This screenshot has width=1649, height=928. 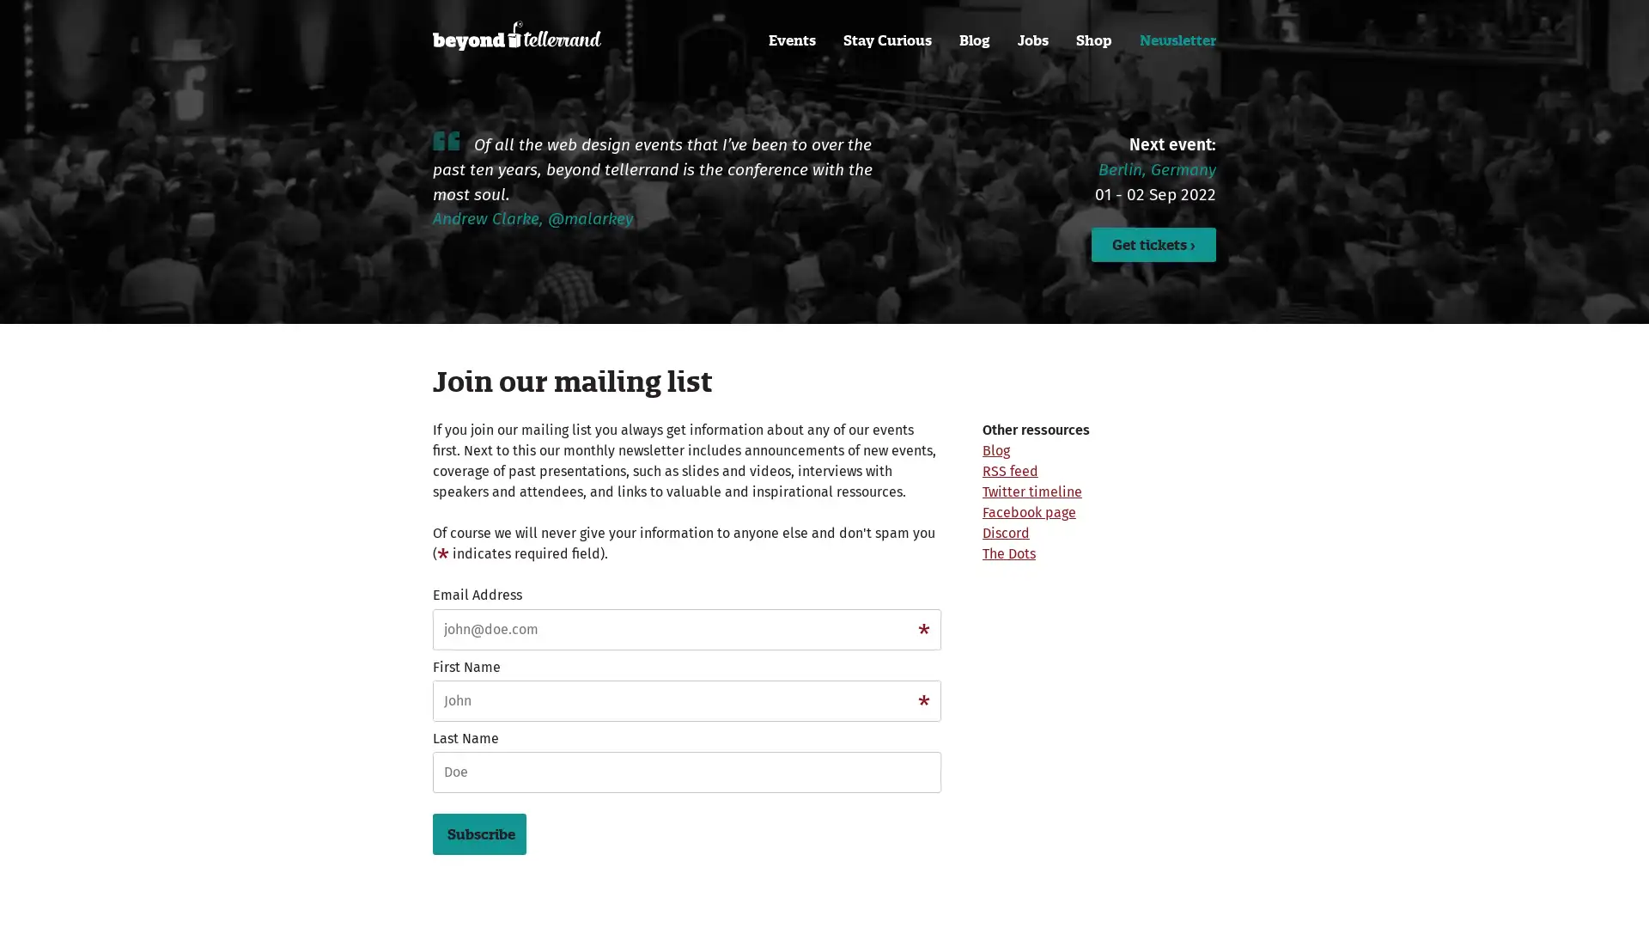 What do you see at coordinates (479, 832) in the screenshot?
I see `Subscribe` at bounding box center [479, 832].